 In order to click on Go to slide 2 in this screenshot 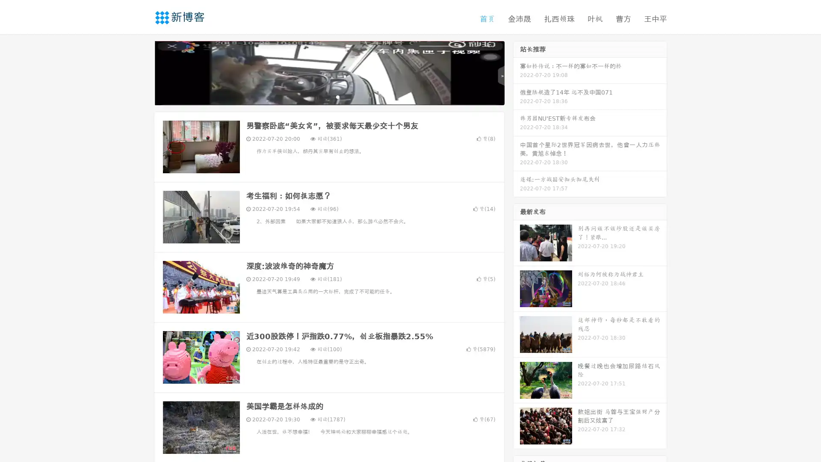, I will do `click(328, 96)`.